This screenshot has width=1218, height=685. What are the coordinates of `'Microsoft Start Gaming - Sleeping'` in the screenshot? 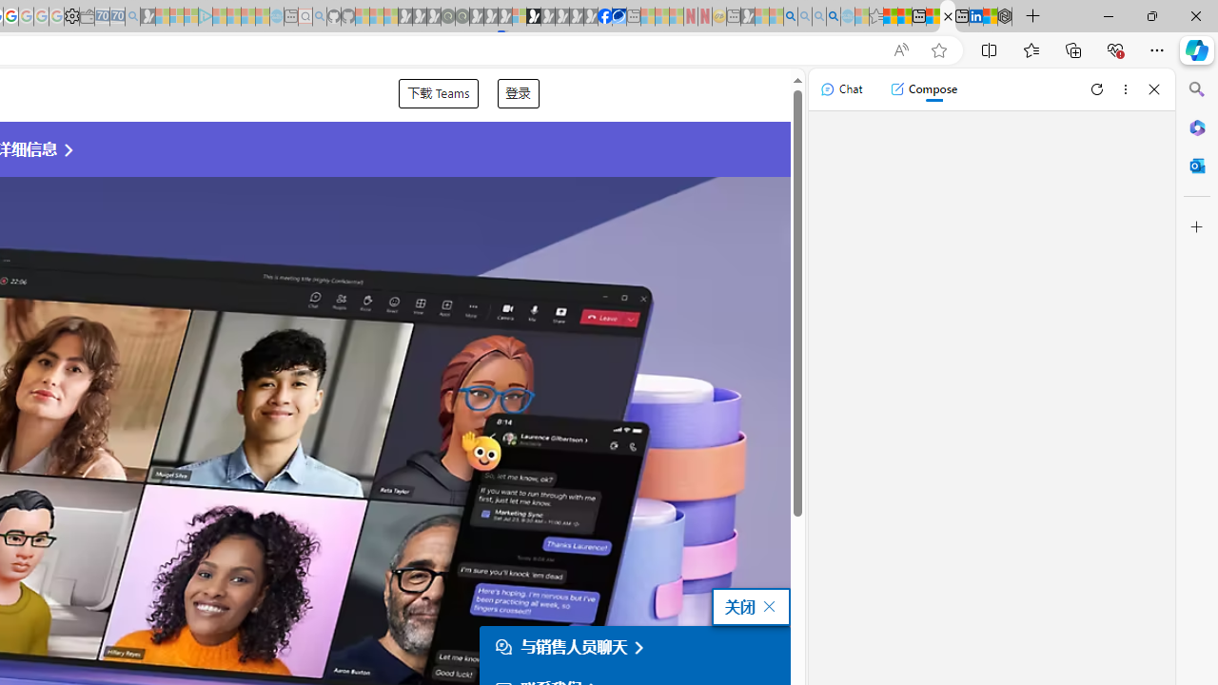 It's located at (147, 16).